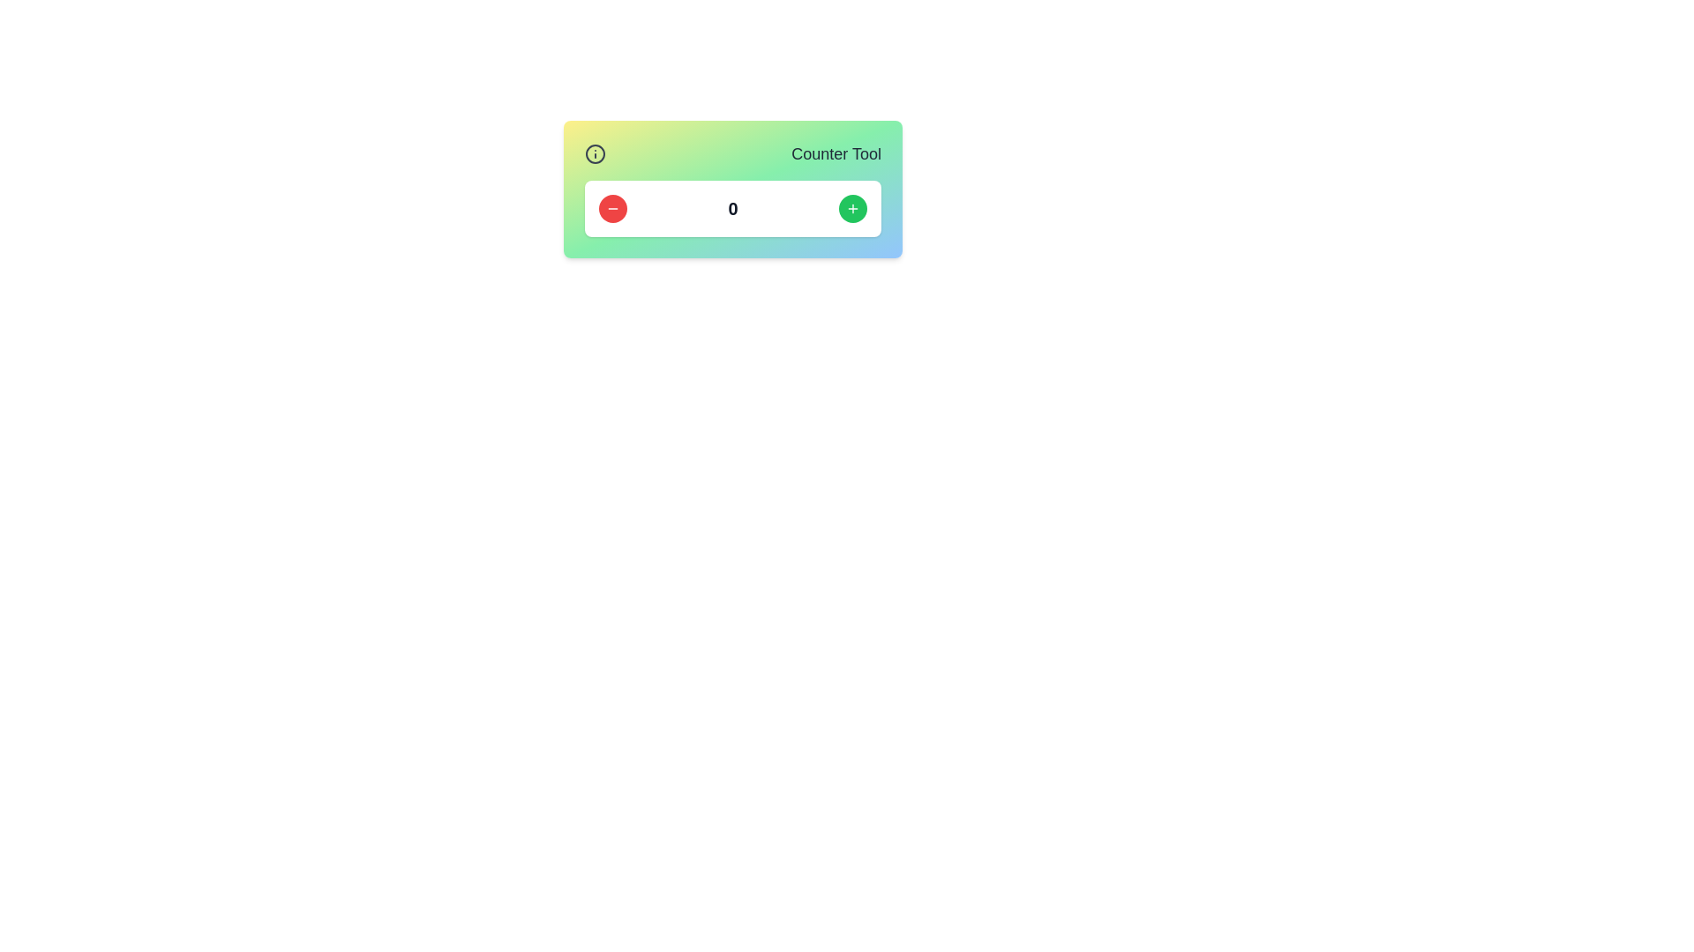  I want to click on the outer circle of the information icon located in the upper left corner of the 'Counter Tool' interface, so click(596, 152).